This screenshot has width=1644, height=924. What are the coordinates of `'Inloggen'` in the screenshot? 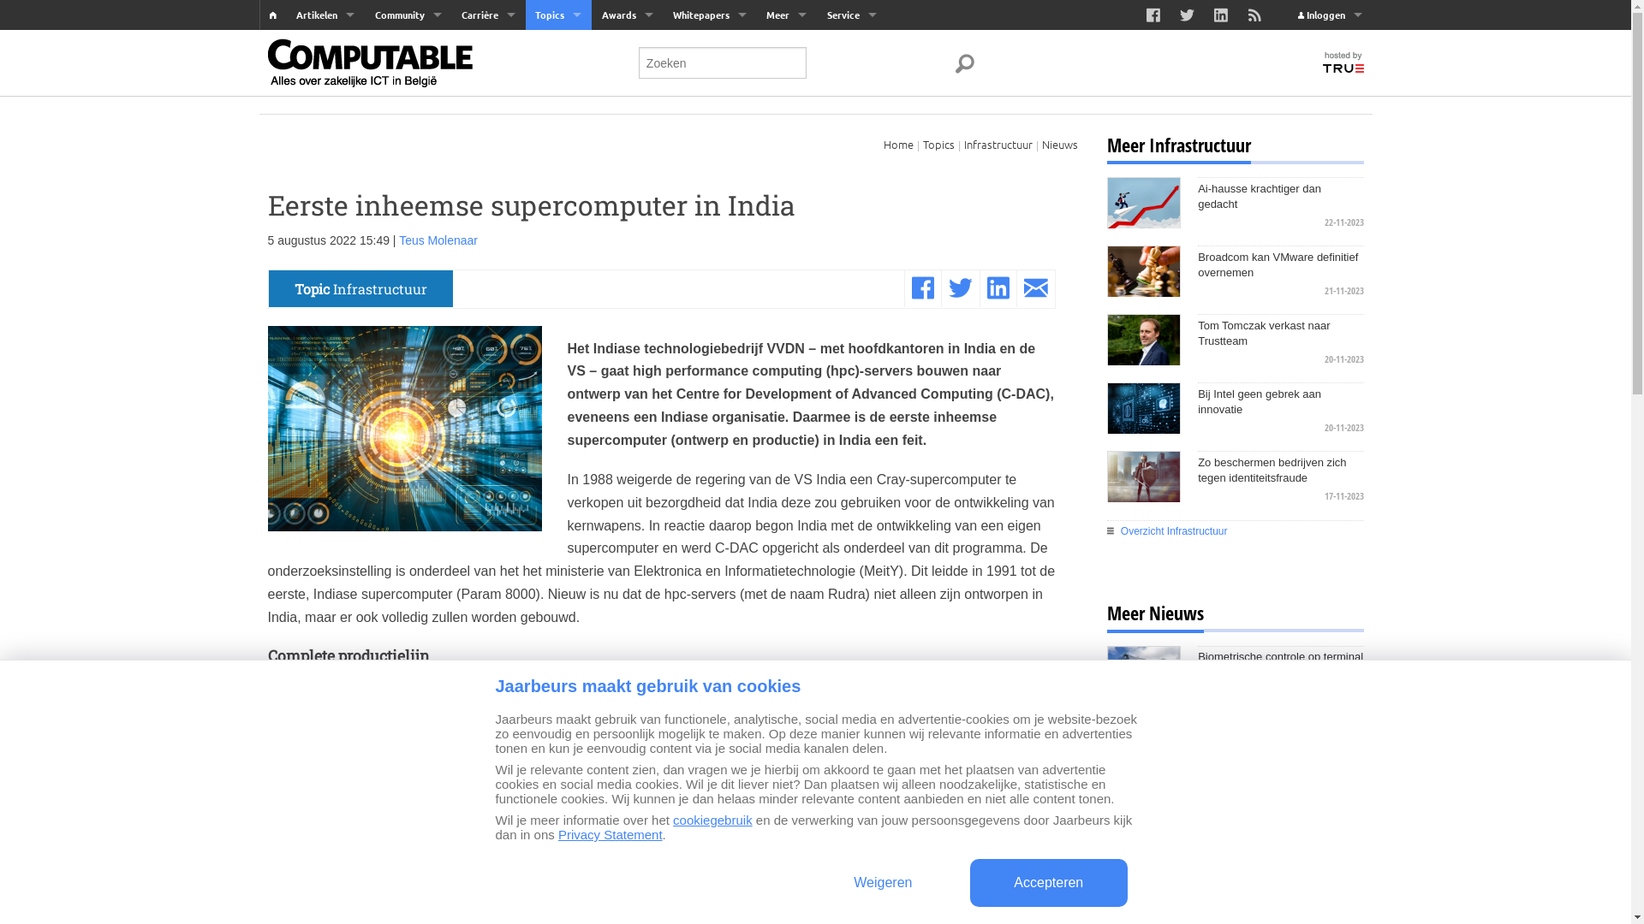 It's located at (1329, 15).